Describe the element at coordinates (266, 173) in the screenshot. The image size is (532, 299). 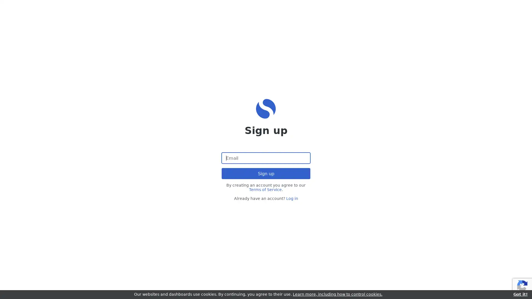
I see `Sign up` at that location.